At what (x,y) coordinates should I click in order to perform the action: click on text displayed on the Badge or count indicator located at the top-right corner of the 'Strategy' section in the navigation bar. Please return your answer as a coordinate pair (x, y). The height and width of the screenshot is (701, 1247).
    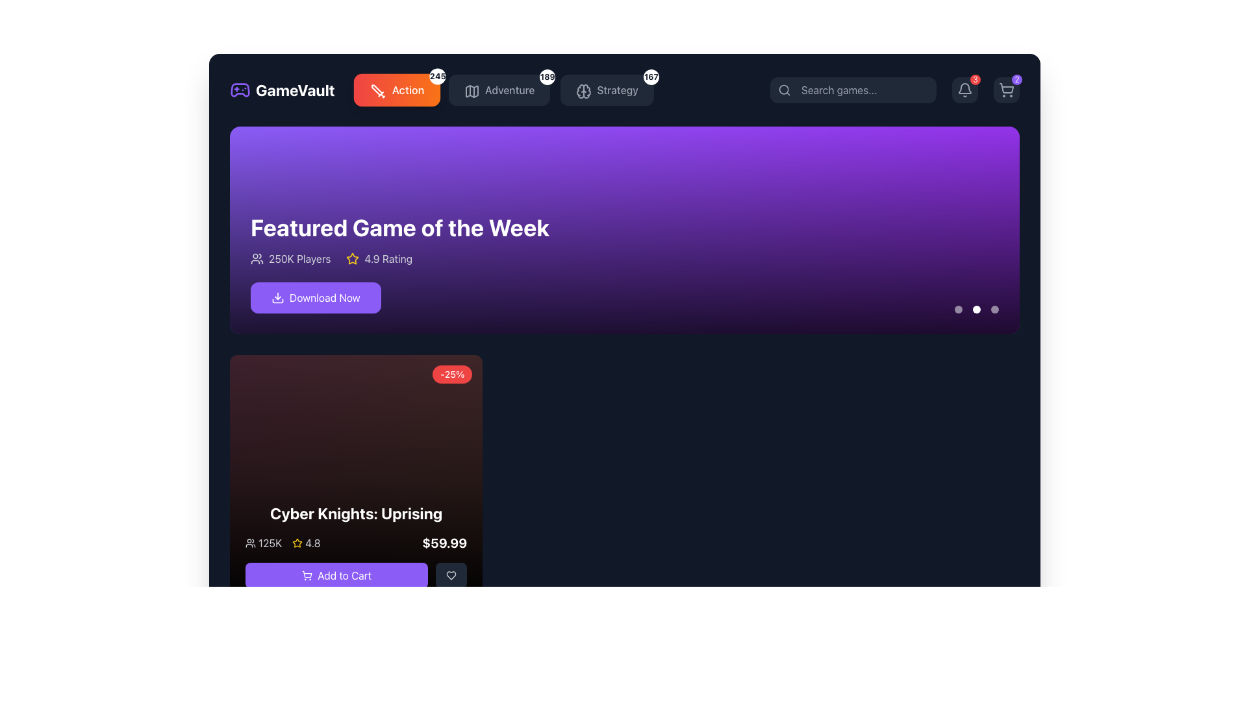
    Looking at the image, I should click on (651, 77).